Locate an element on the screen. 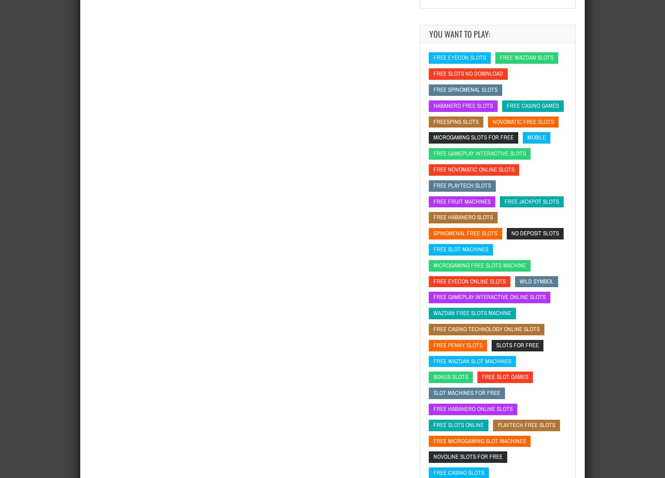 This screenshot has height=478, width=665. 'Free Novomatic Online Slots' is located at coordinates (474, 168).